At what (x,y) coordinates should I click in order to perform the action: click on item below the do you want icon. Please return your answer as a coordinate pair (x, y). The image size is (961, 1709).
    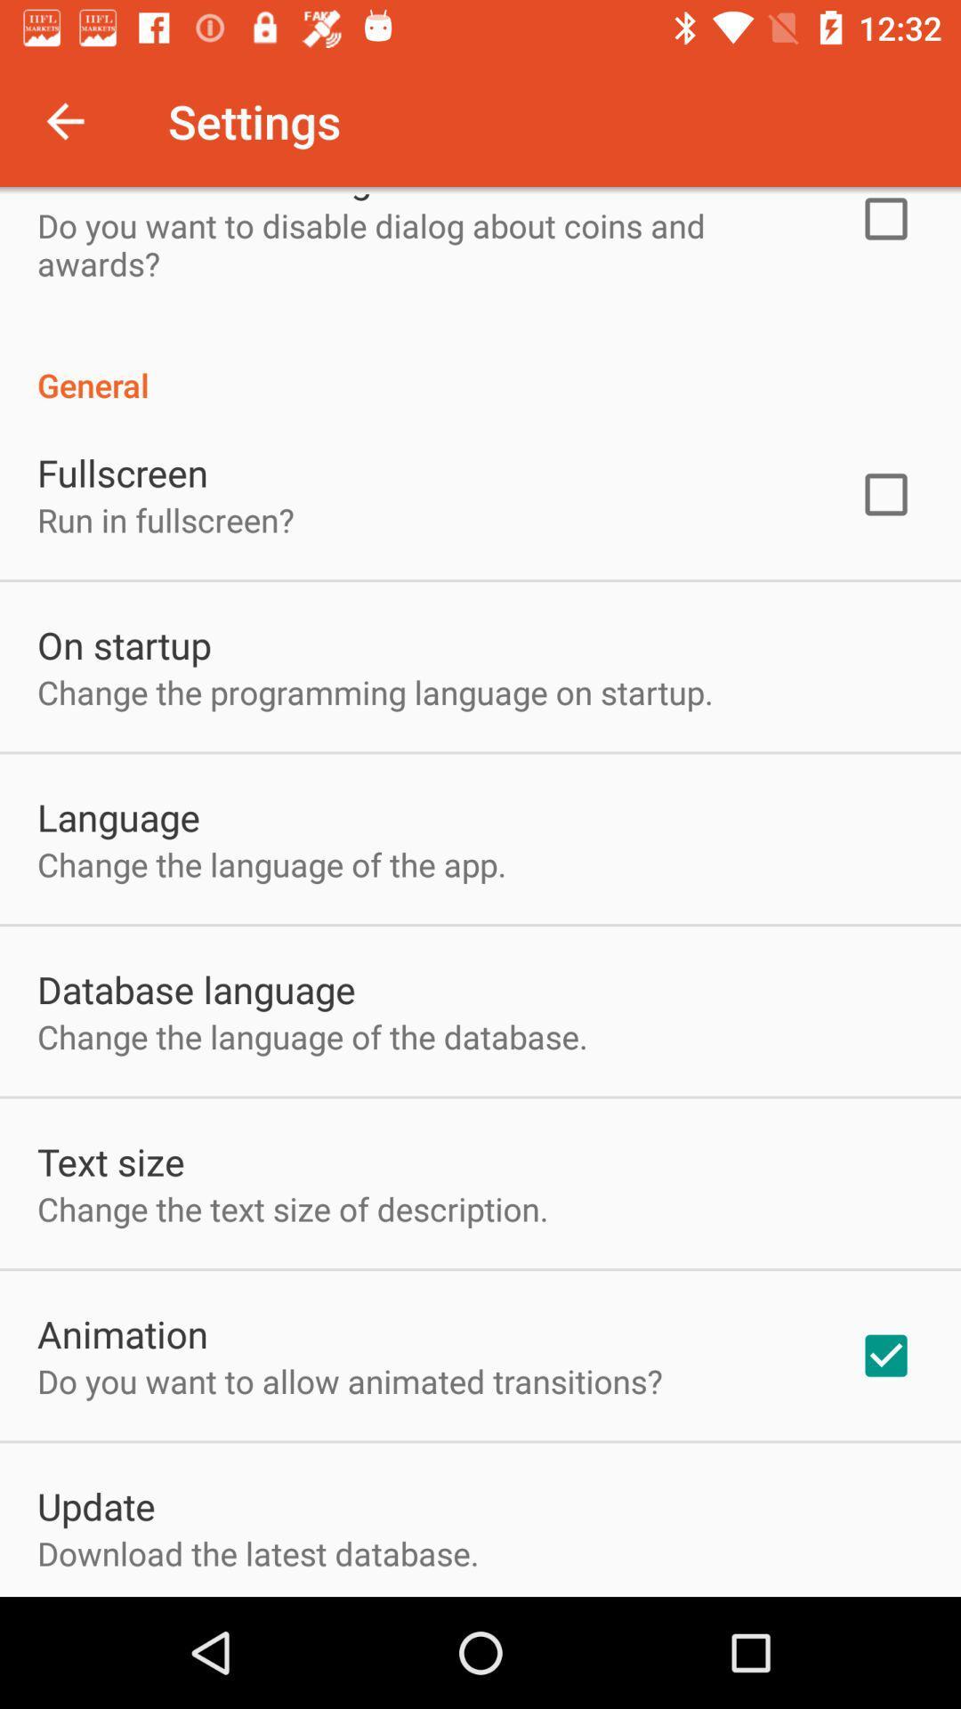
    Looking at the image, I should click on (96, 1504).